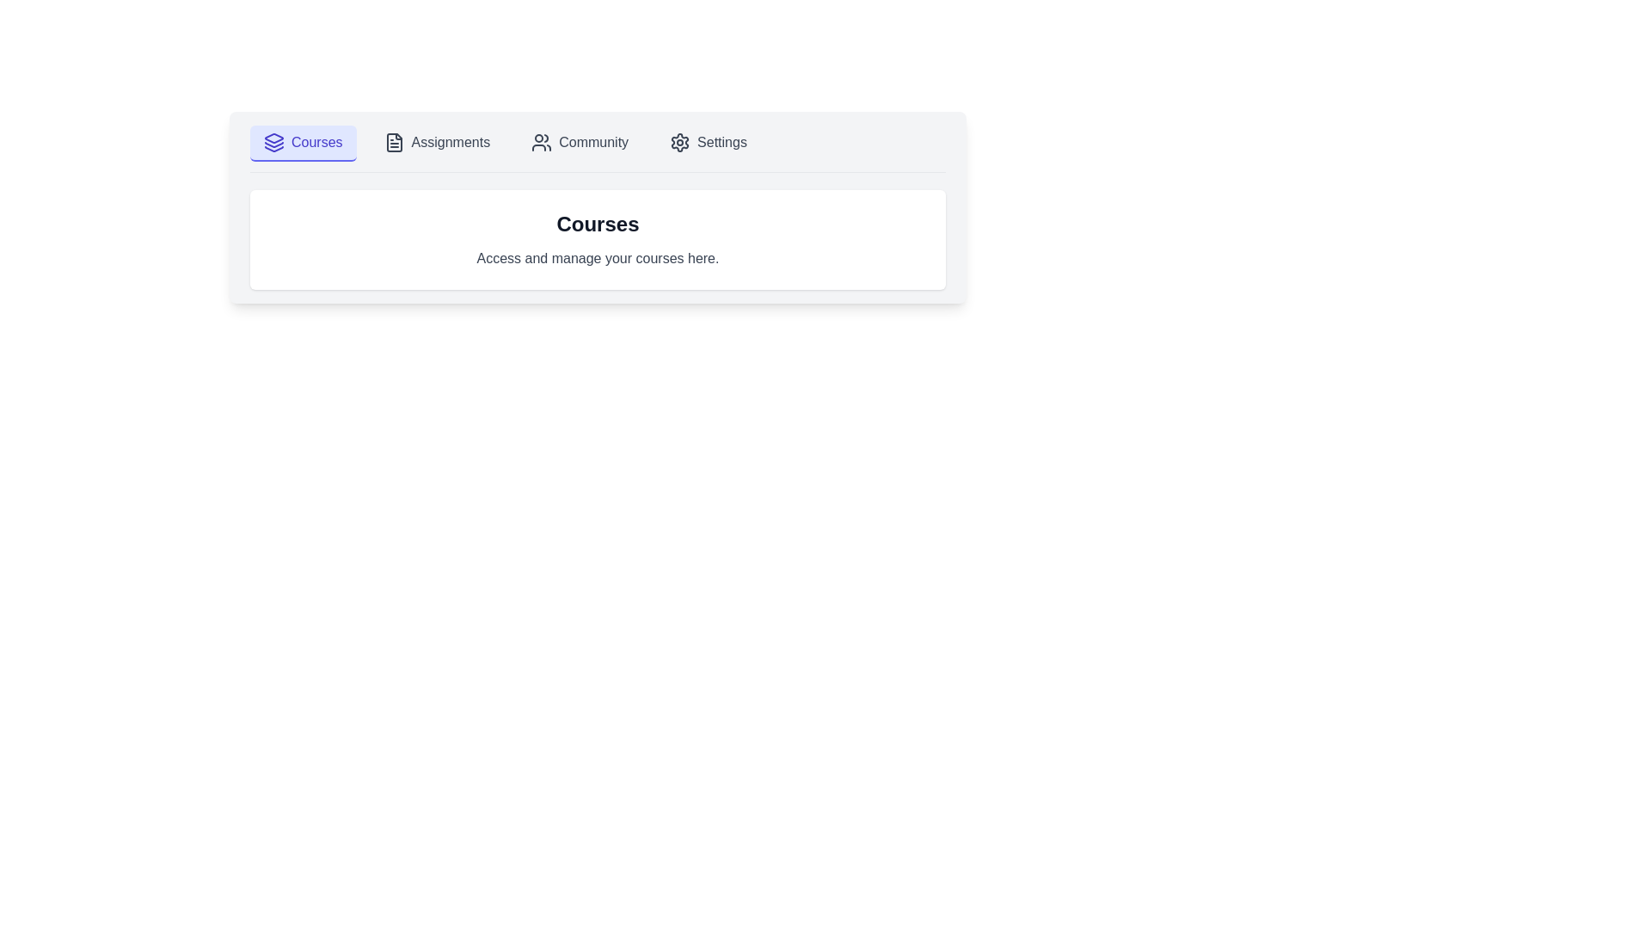 The width and height of the screenshot is (1651, 929). What do you see at coordinates (580, 142) in the screenshot?
I see `the 'Community' button in the navigation bar` at bounding box center [580, 142].